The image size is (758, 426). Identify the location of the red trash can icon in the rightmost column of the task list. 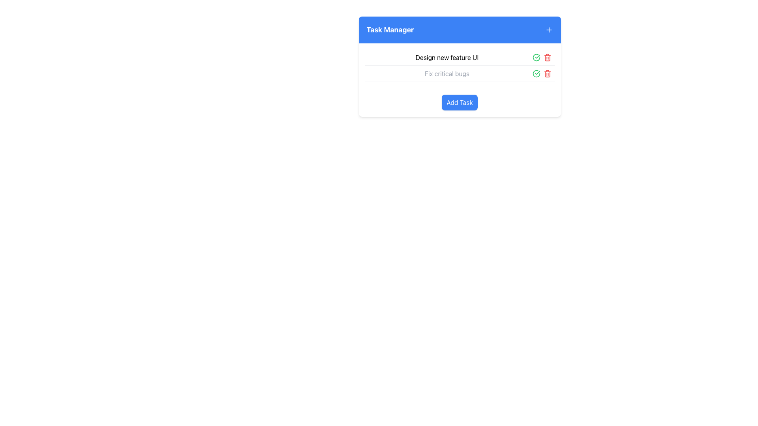
(547, 57).